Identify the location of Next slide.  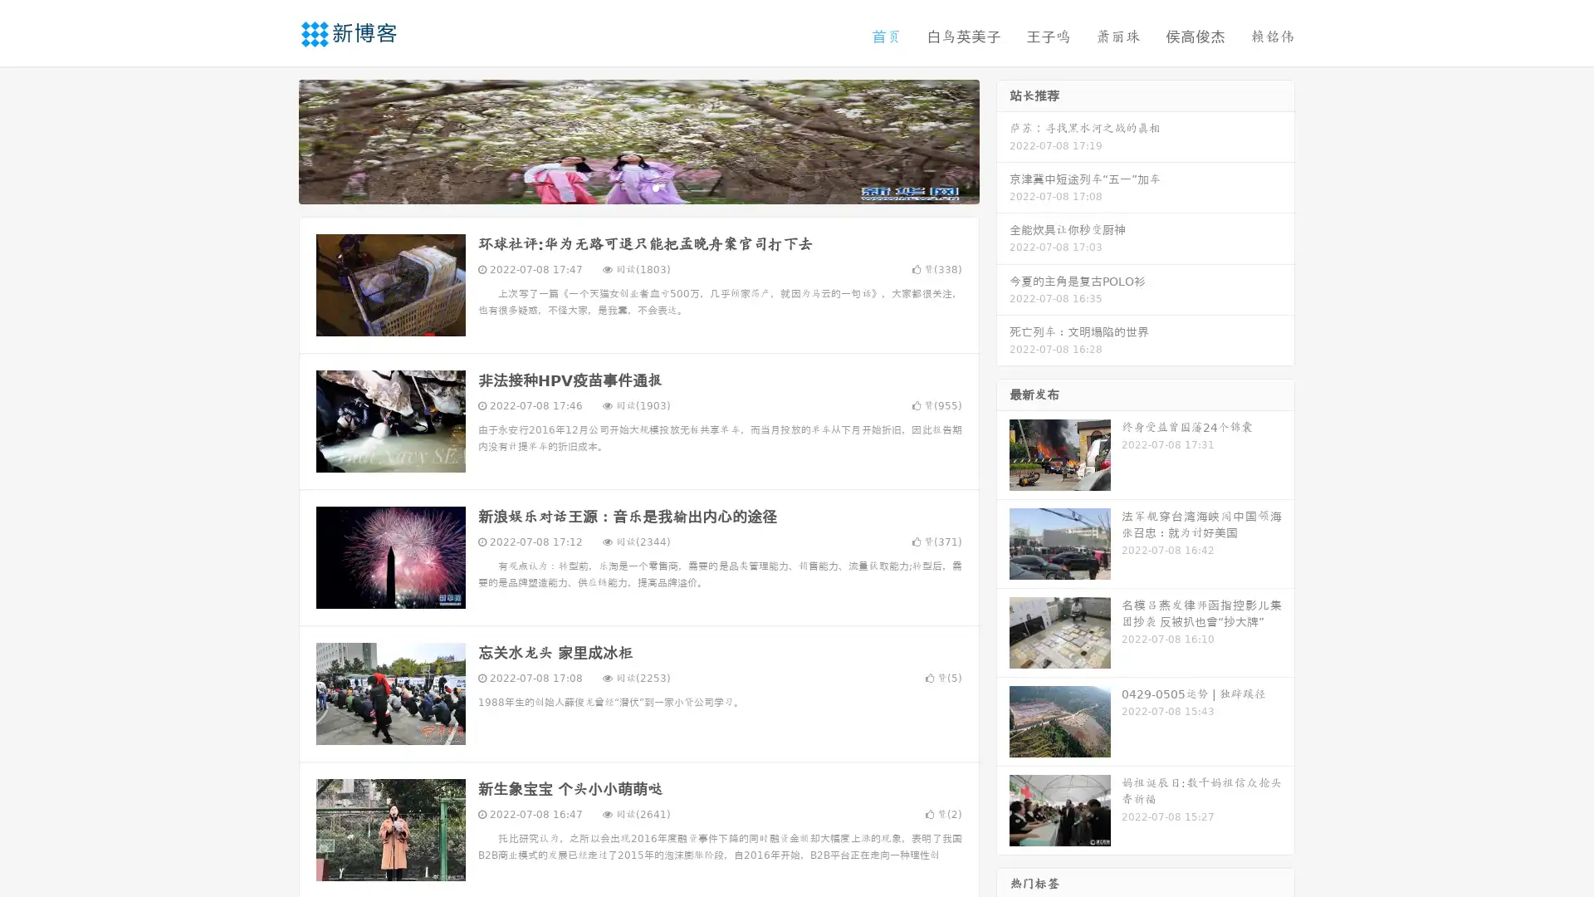
(1003, 140).